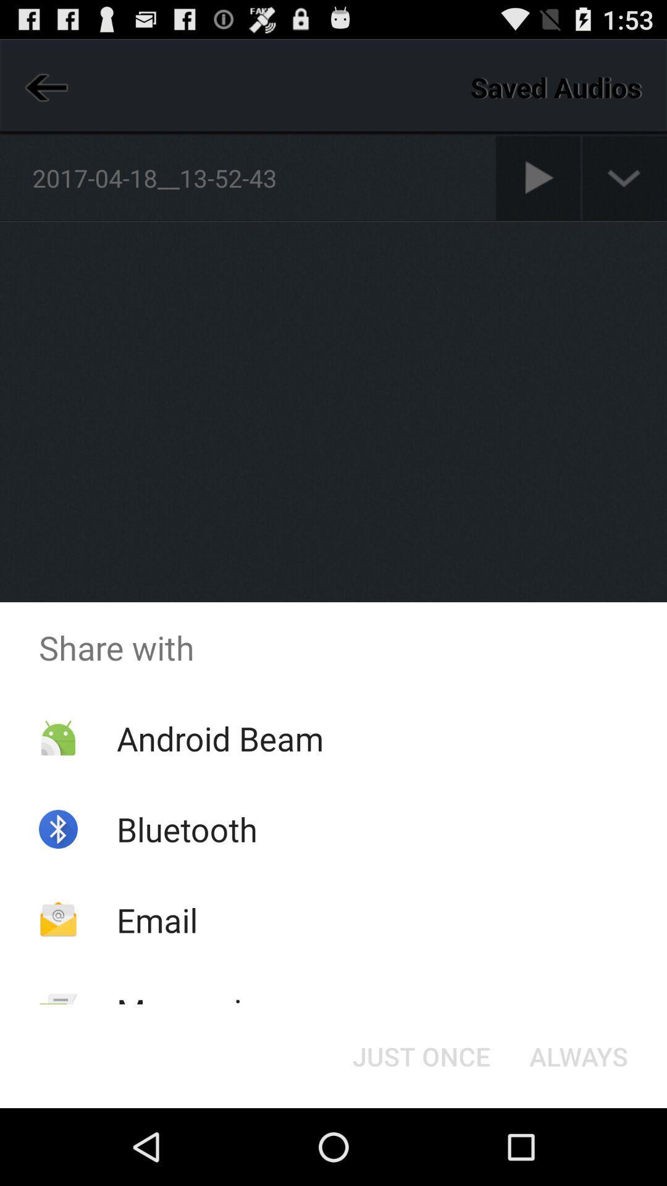  Describe the element at coordinates (156, 920) in the screenshot. I see `the app below bluetooth item` at that location.